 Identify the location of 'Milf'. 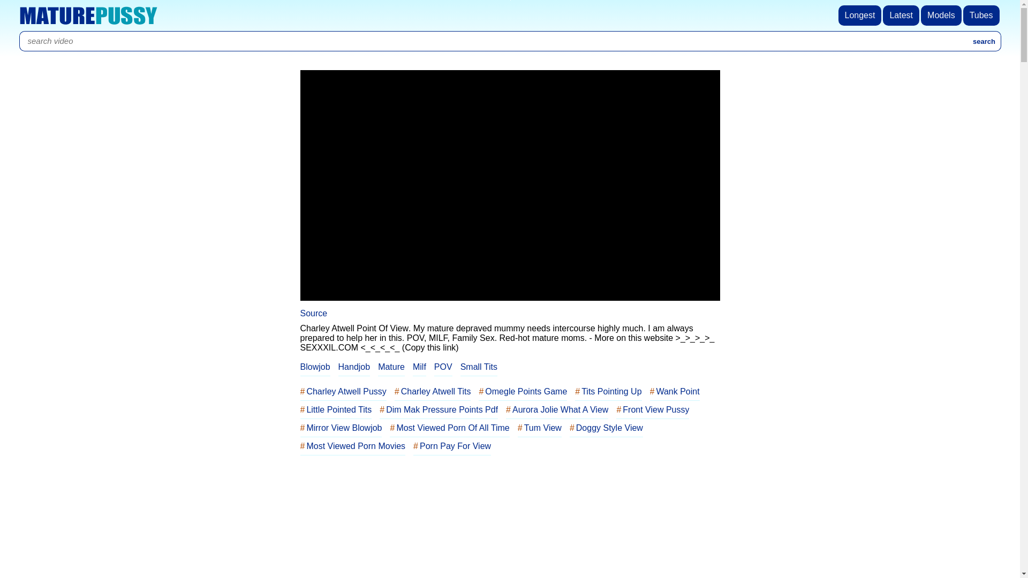
(412, 367).